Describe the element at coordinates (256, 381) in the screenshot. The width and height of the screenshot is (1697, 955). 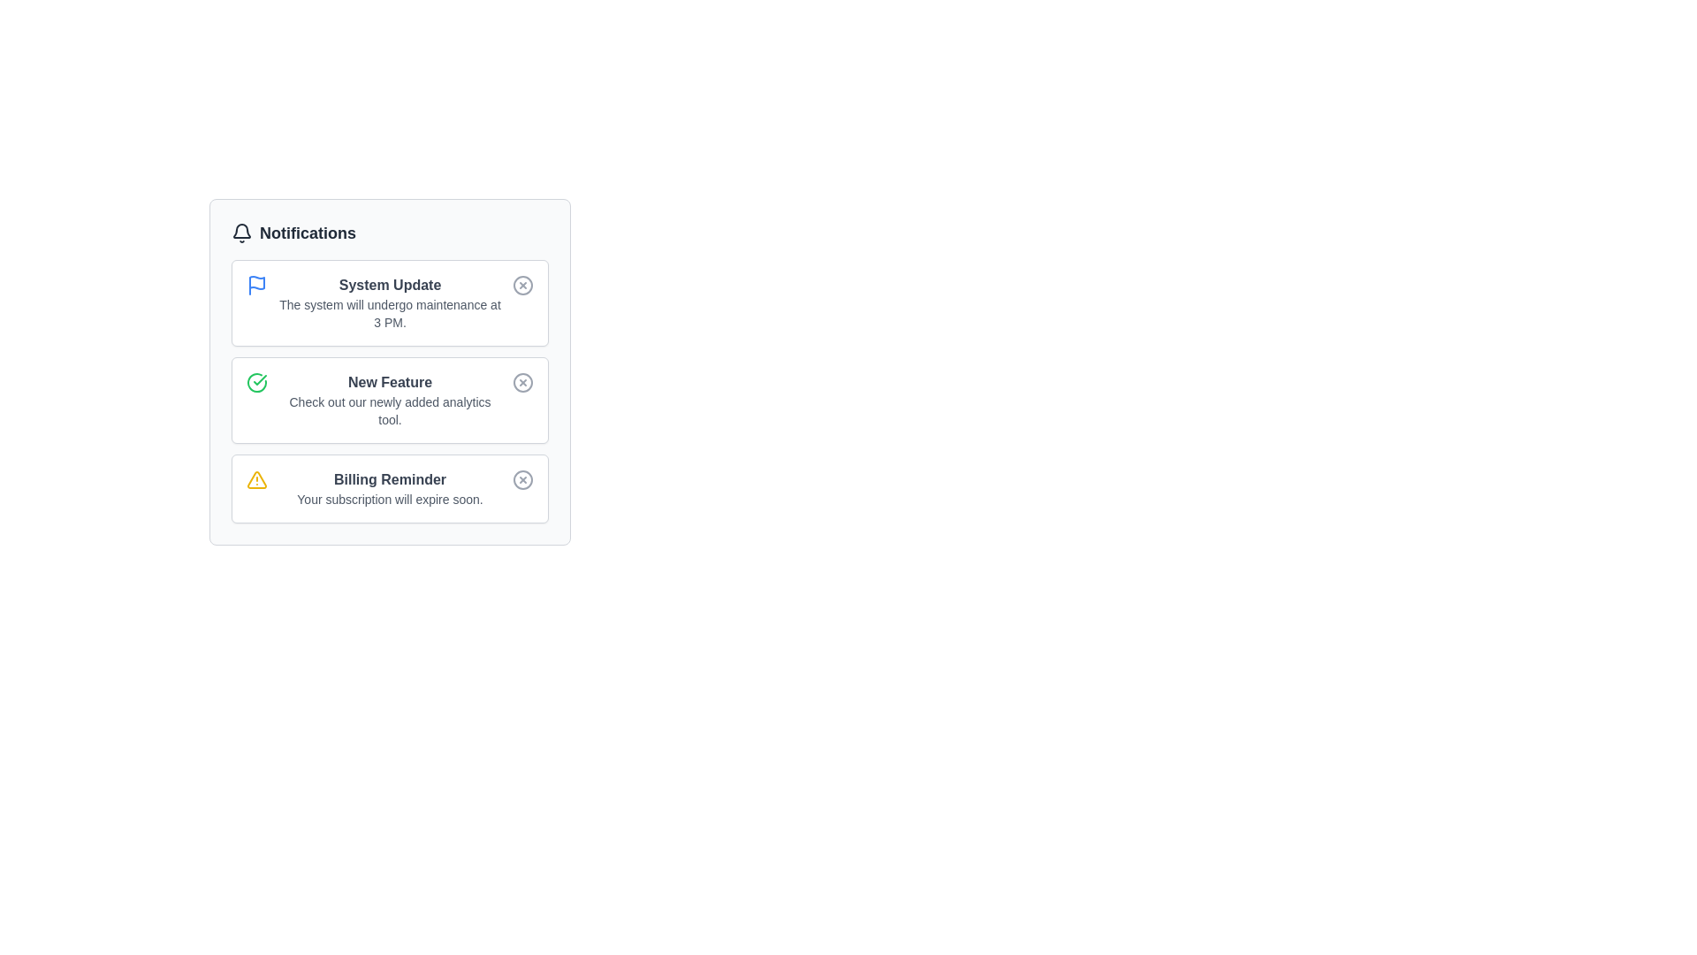
I see `the success indicator icon located in the second notification card, adjacent to the text 'New Feature'` at that location.